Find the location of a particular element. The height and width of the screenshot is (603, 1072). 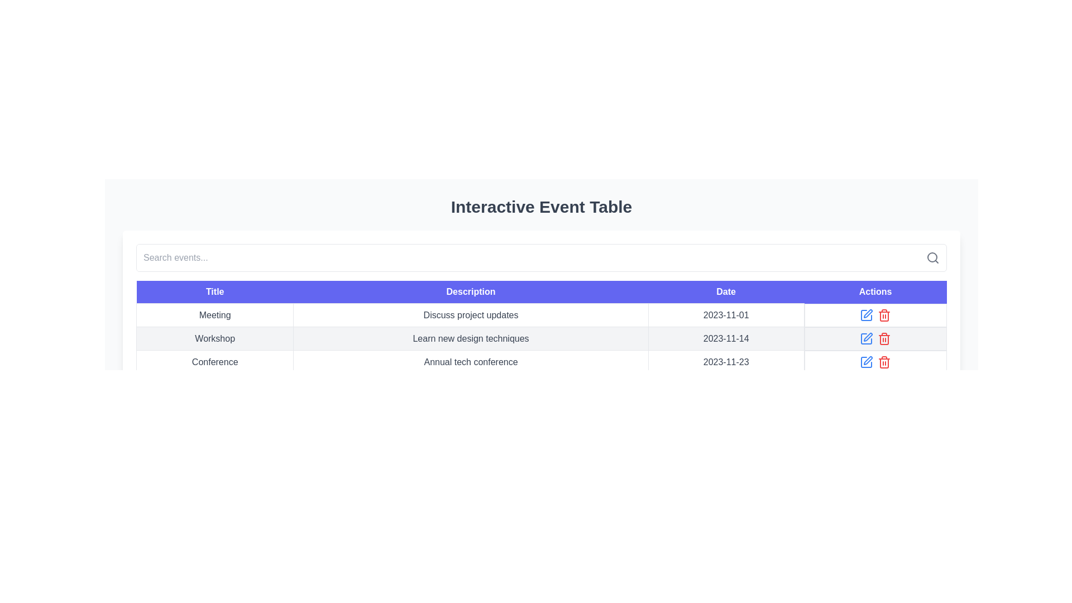

the red trash bin icon button located in the third row of the 'Actions' column in the table is located at coordinates (884, 339).